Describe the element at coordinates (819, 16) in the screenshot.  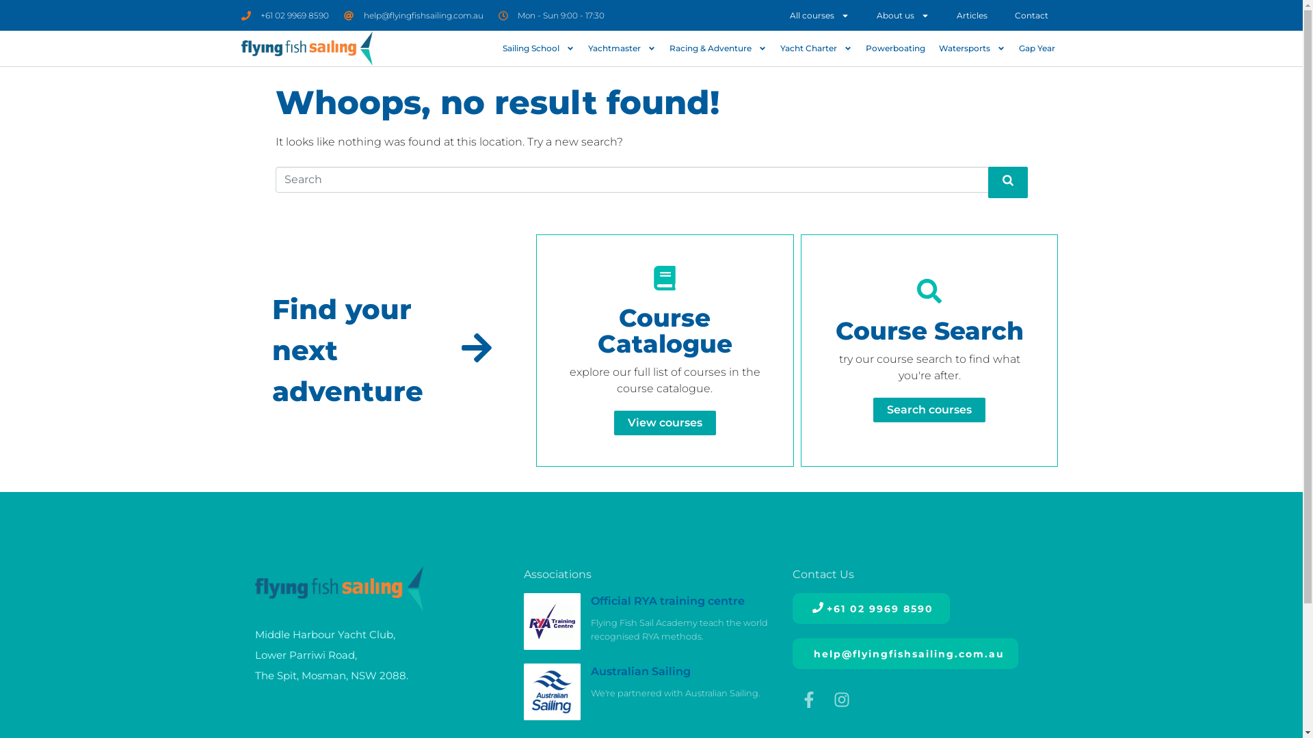
I see `'All courses'` at that location.